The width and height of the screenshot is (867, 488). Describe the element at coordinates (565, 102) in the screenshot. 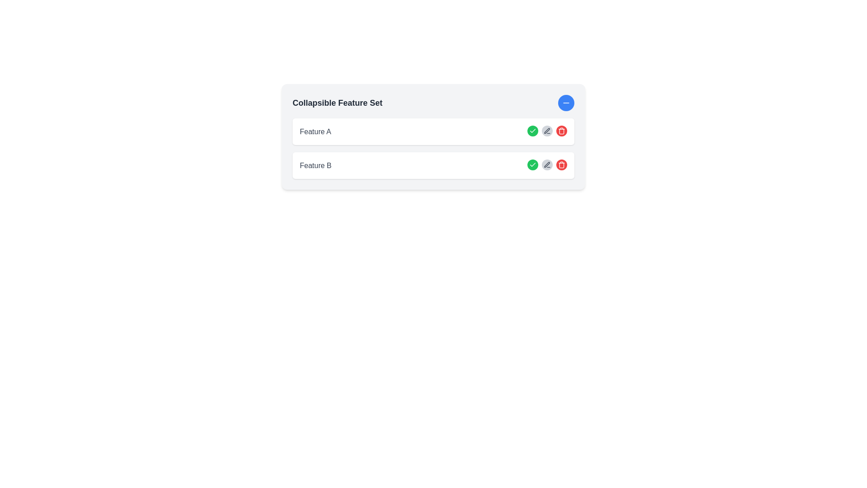

I see `the blue circular button with a white minus sign in the center located at the top right corner of the 'Collapsible Feature Set' section for accessibility` at that location.